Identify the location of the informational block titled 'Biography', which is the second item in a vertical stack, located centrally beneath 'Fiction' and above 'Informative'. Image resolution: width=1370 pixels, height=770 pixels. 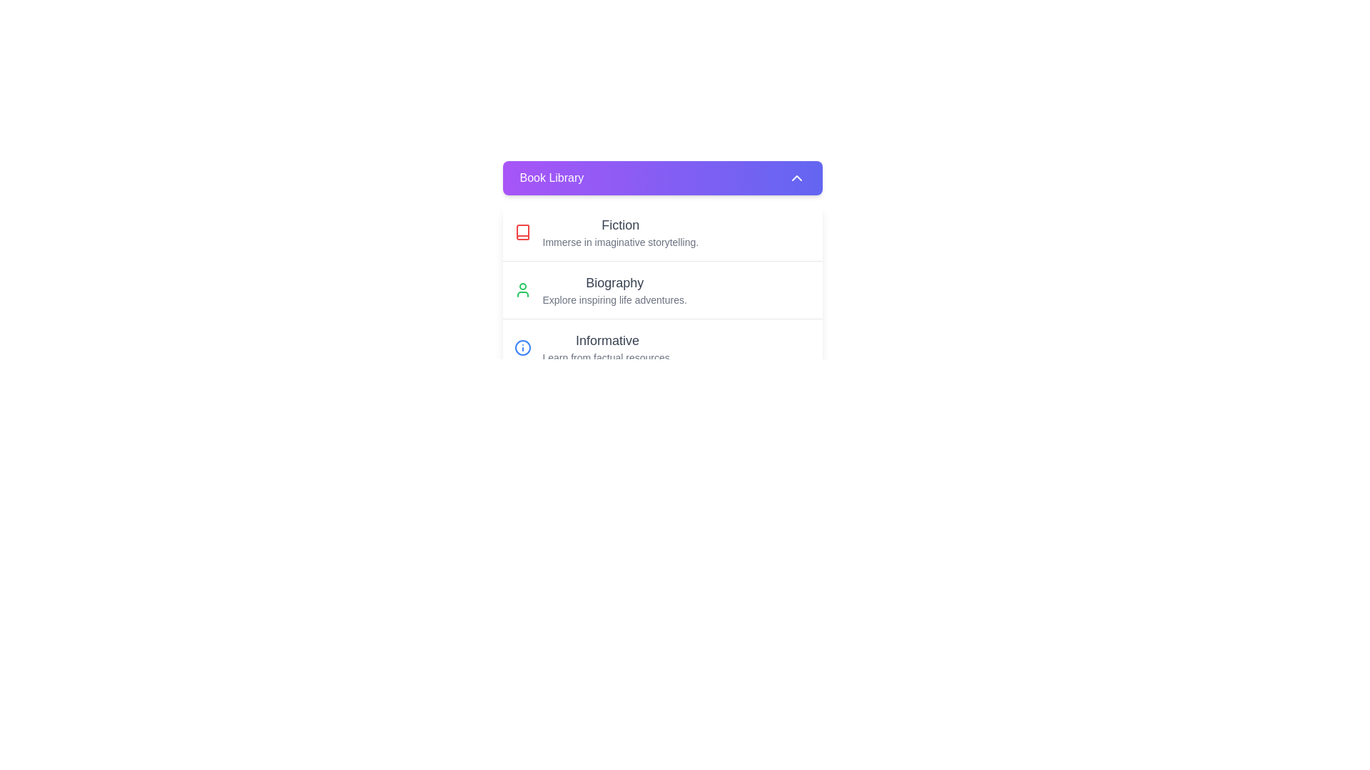
(661, 289).